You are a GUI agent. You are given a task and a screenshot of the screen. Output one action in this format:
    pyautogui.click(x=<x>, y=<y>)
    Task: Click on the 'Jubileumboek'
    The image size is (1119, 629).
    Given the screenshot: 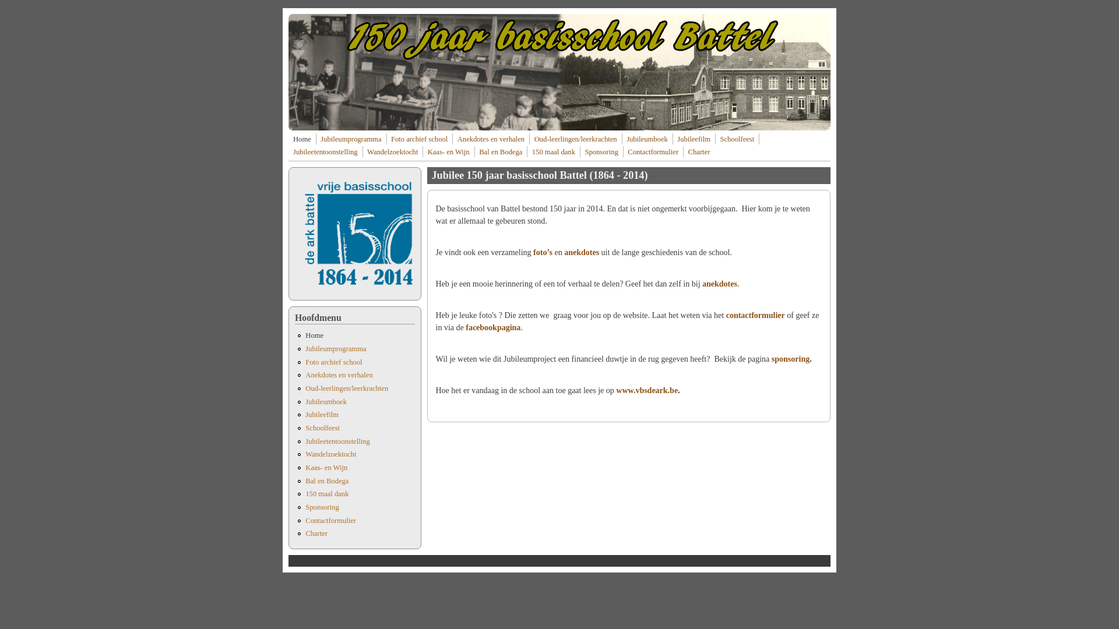 What is the action you would take?
    pyautogui.click(x=326, y=401)
    